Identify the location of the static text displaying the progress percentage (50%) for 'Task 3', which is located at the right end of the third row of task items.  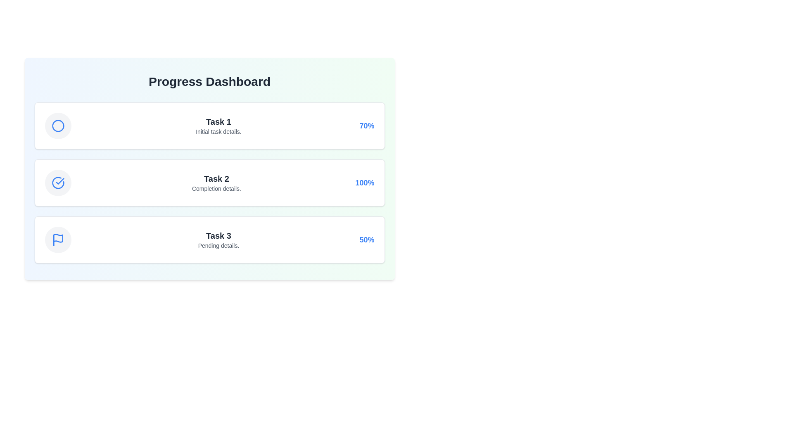
(366, 240).